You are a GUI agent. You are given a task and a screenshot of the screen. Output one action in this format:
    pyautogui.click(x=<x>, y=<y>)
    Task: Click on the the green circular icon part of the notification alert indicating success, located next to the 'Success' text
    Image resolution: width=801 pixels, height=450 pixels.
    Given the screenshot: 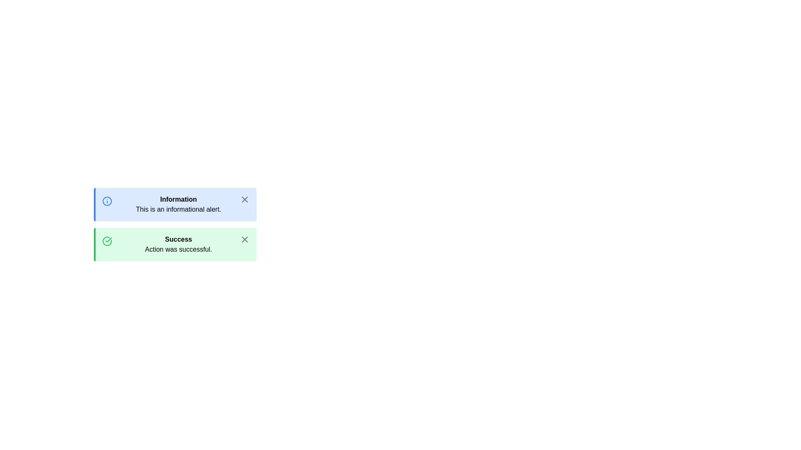 What is the action you would take?
    pyautogui.click(x=107, y=241)
    